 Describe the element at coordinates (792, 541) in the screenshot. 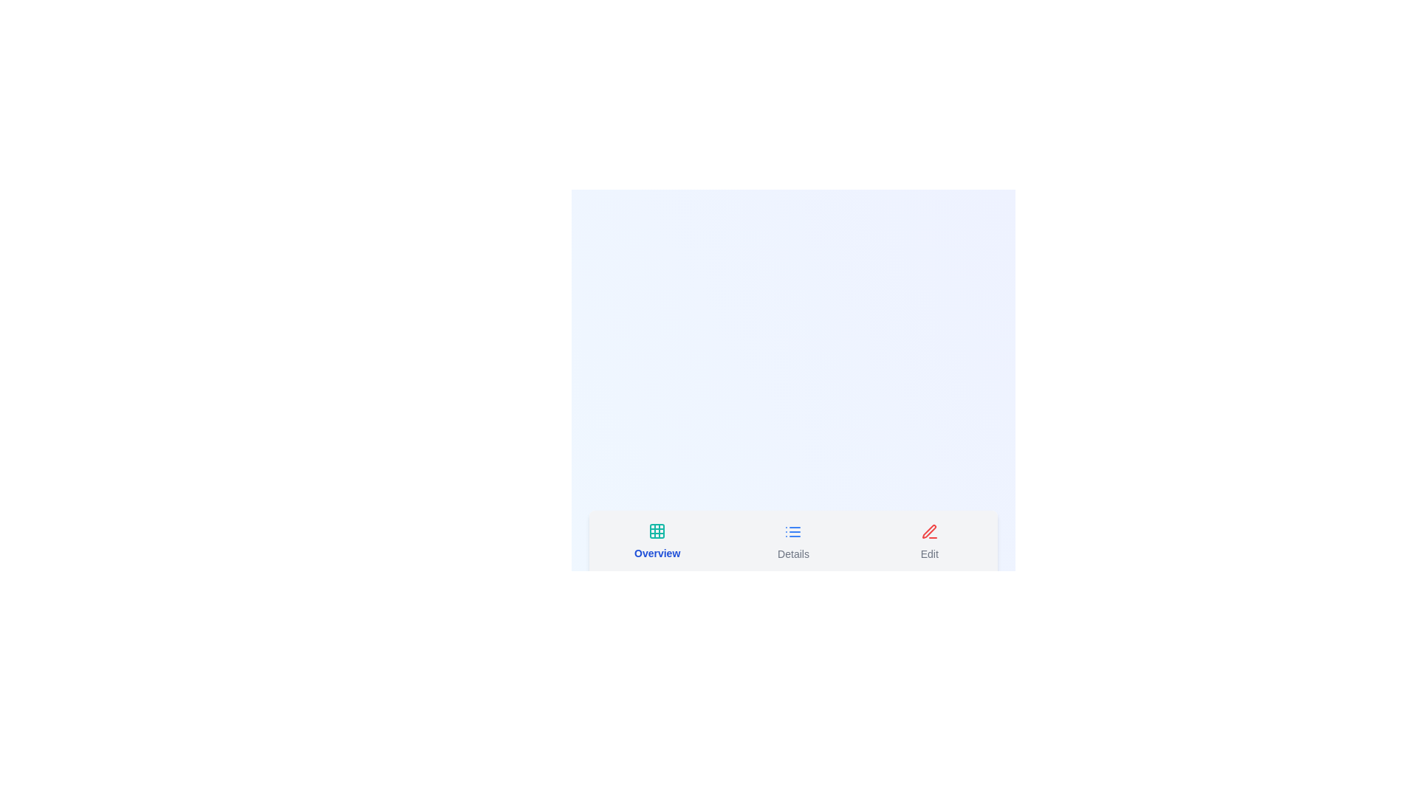

I see `the tab labeled Details by clicking on its button` at that location.